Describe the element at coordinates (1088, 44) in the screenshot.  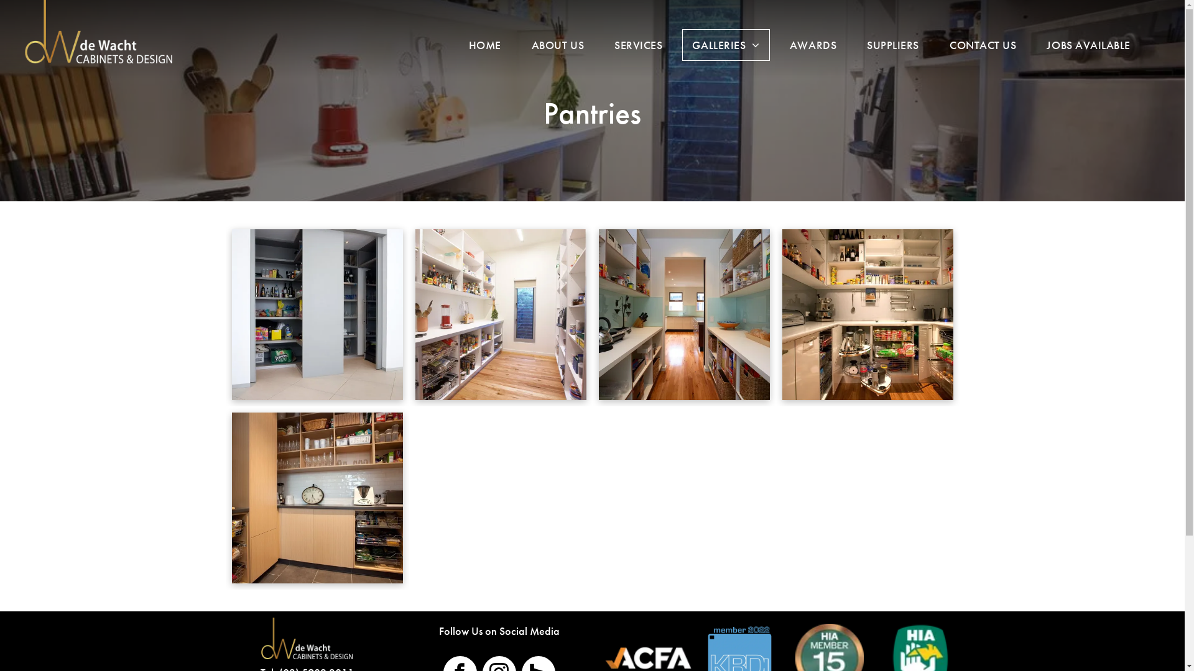
I see `'JOBS AVAILABLE'` at that location.